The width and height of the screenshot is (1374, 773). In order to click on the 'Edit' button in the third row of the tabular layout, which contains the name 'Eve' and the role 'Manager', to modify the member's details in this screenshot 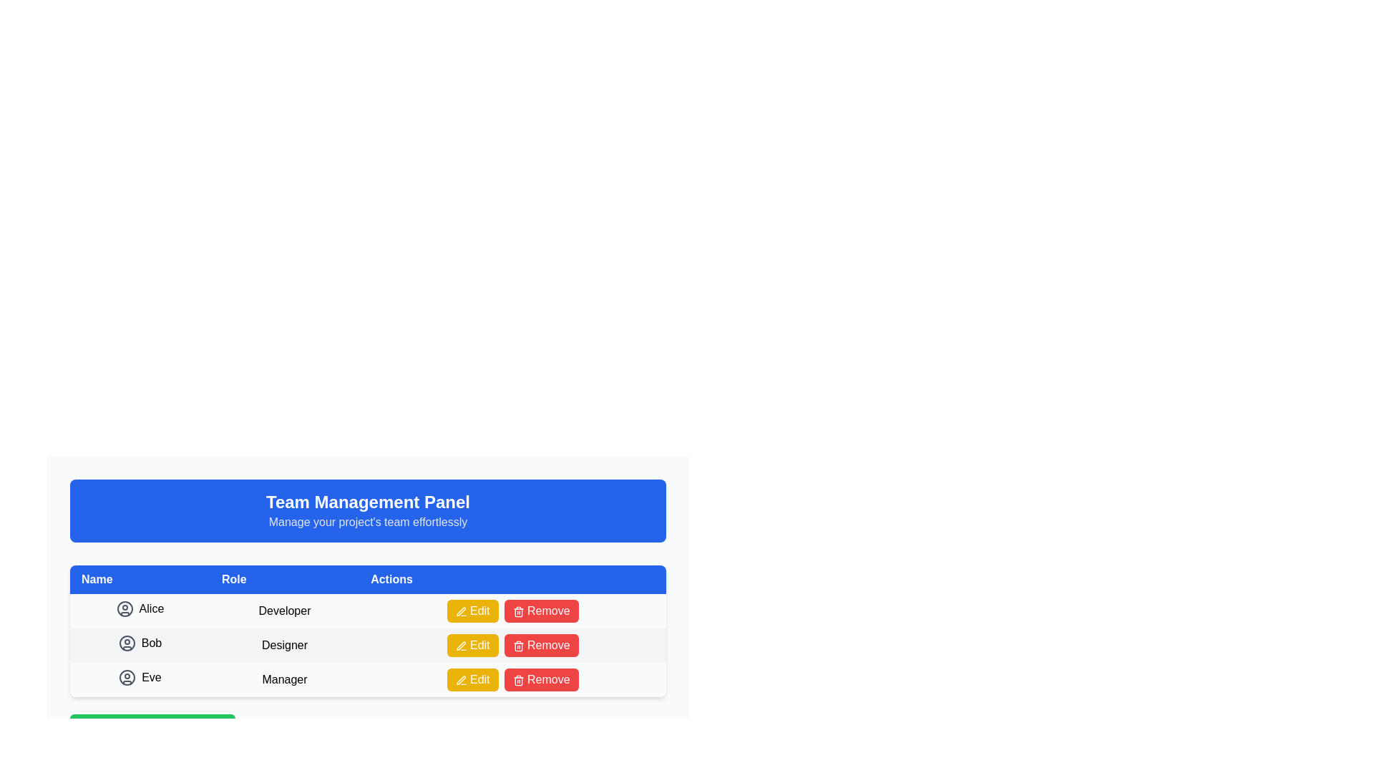, I will do `click(368, 679)`.